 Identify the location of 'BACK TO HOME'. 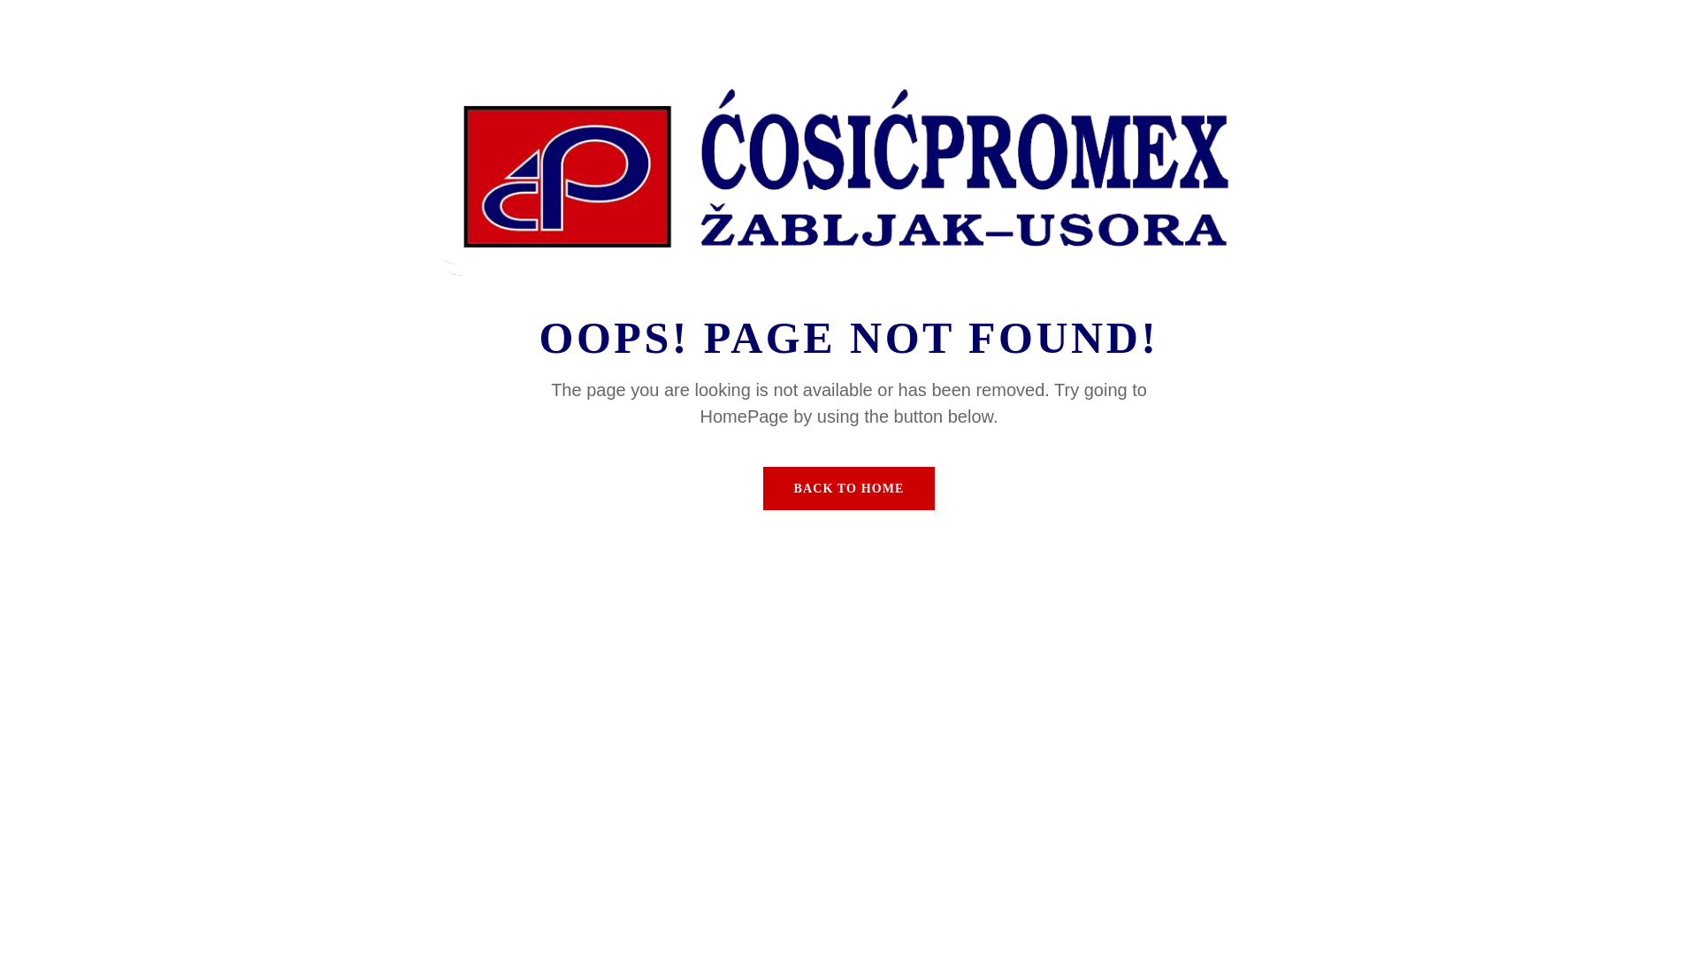
(849, 488).